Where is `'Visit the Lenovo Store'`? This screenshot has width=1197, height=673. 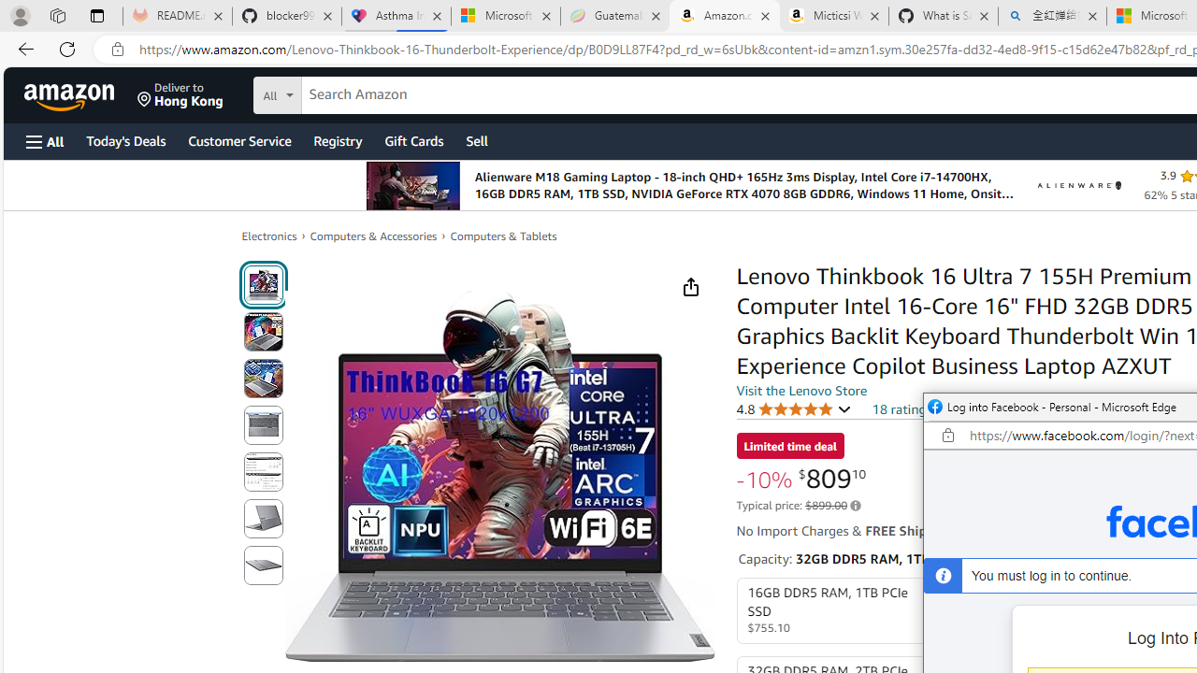
'Visit the Lenovo Store' is located at coordinates (801, 389).